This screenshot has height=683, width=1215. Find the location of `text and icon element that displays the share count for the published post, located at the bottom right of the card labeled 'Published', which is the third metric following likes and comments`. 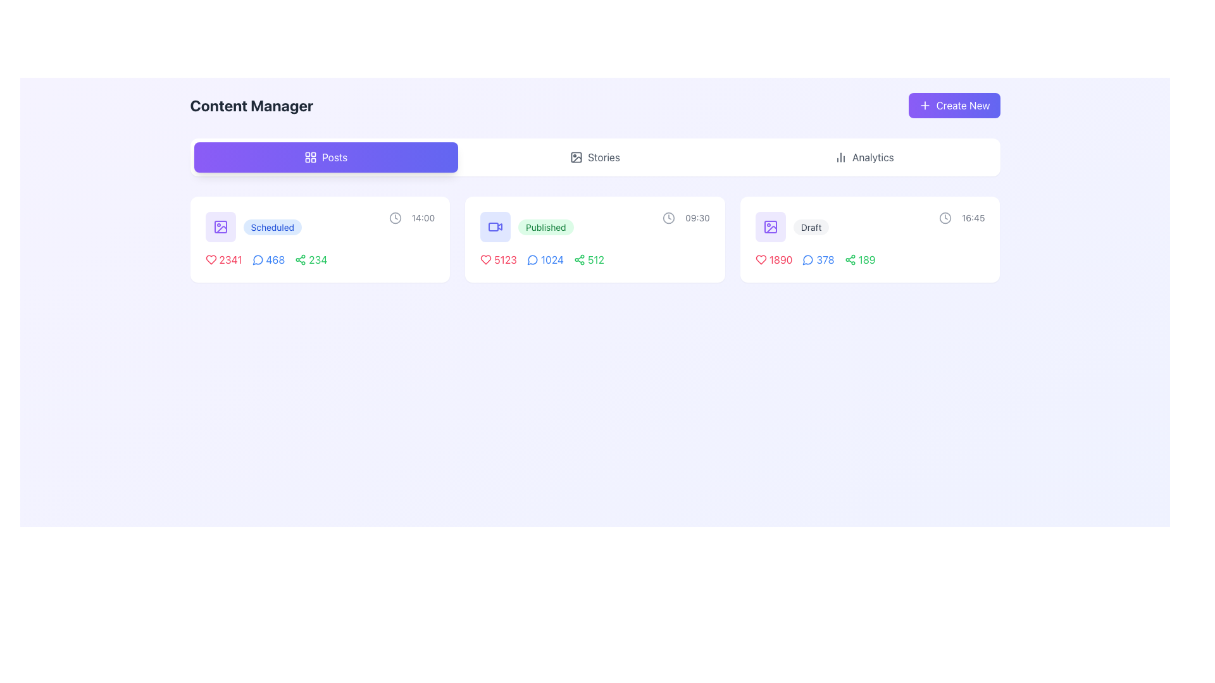

text and icon element that displays the share count for the published post, located at the bottom right of the card labeled 'Published', which is the third metric following likes and comments is located at coordinates (588, 259).